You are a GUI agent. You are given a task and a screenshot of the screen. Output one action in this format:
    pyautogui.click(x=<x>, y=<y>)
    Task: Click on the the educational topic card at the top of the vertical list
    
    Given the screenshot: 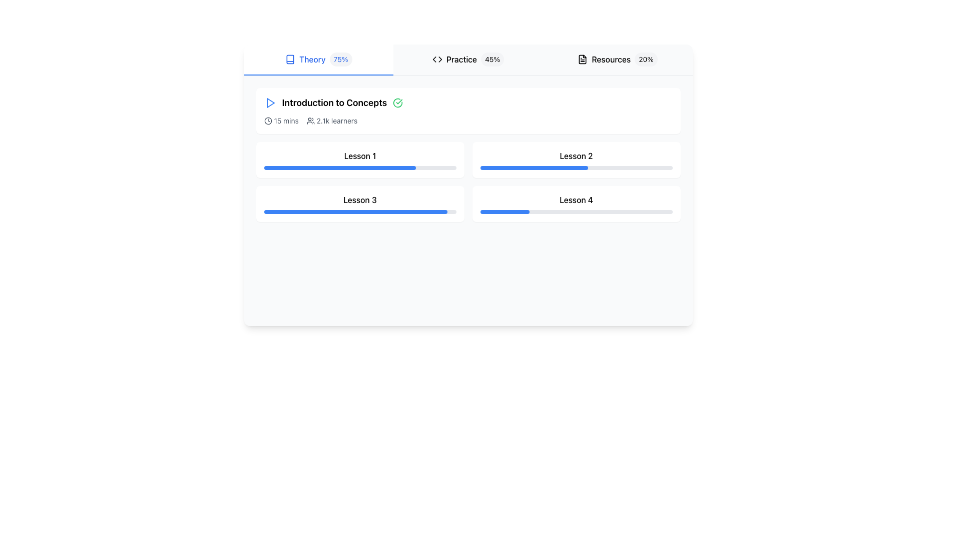 What is the action you would take?
    pyautogui.click(x=467, y=111)
    